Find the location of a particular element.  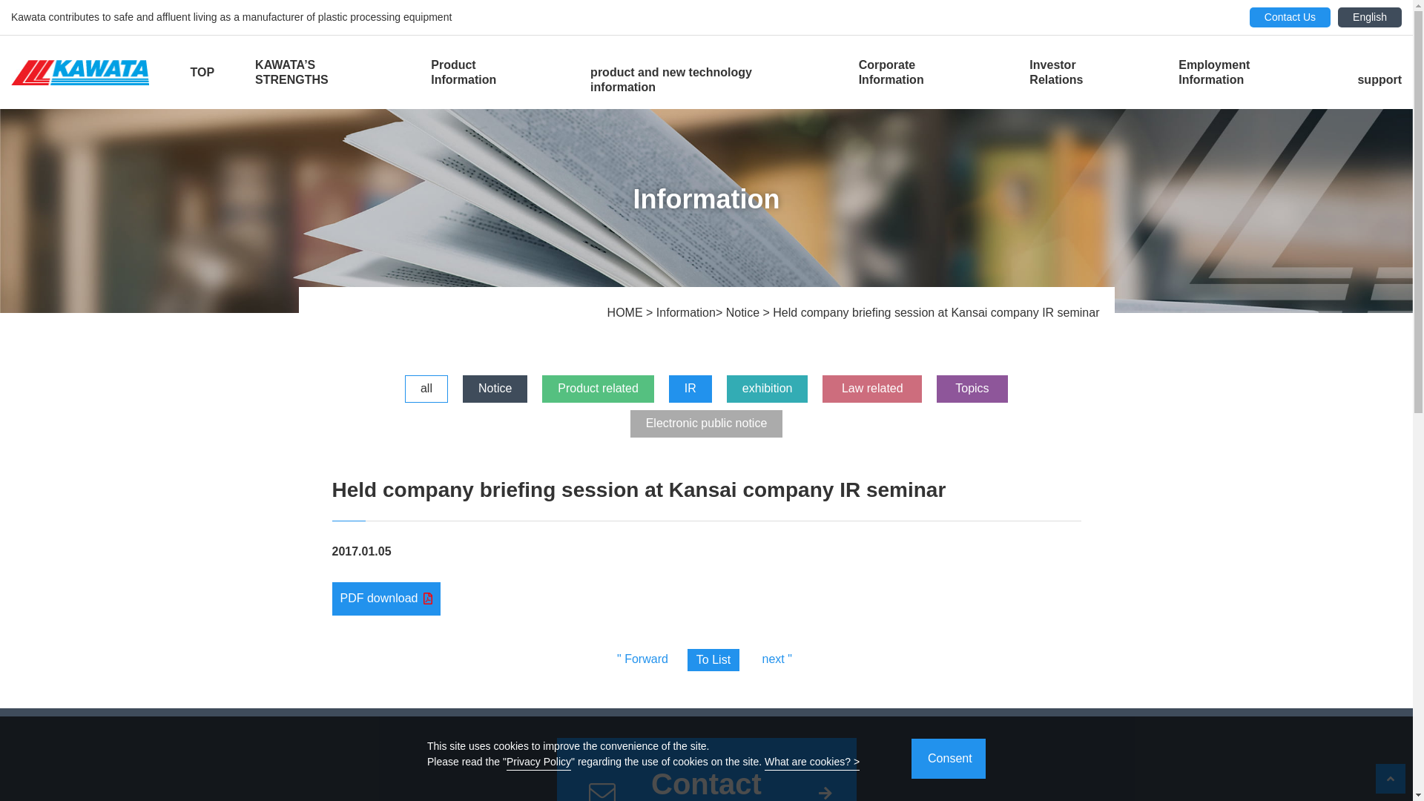

'Corporate Information  ' is located at coordinates (923, 72).